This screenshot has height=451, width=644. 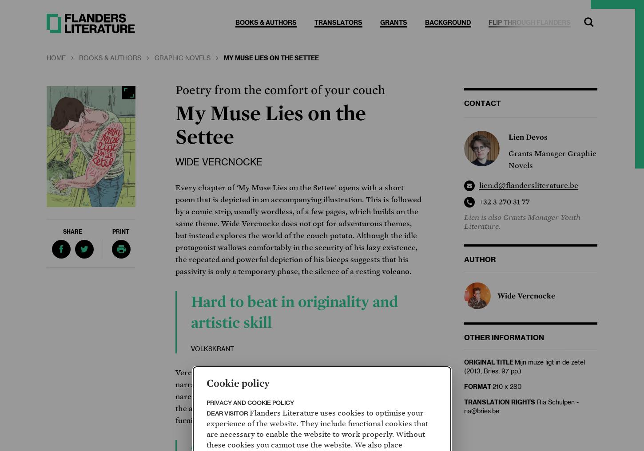 I want to click on 'Home', so click(x=46, y=58).